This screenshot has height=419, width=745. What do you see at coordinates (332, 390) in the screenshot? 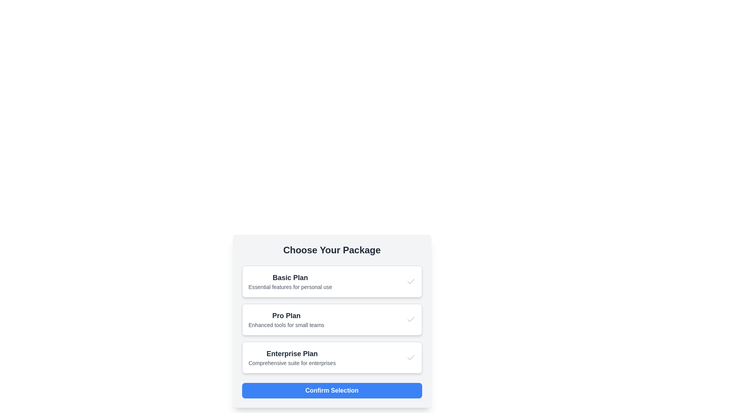
I see `the 'Confirm Selection' button with a blue background and rounded corners located at the bottom of the 'Choose Your Package' section to confirm the selection` at bounding box center [332, 390].